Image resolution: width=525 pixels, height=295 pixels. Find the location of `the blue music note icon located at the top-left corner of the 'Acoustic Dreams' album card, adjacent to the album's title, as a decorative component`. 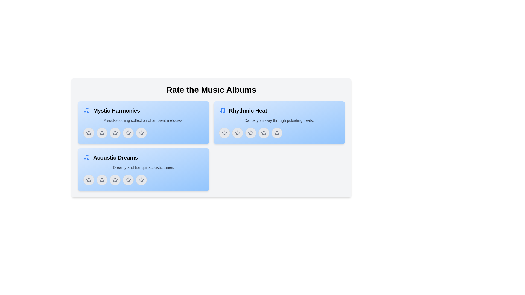

the blue music note icon located at the top-left corner of the 'Acoustic Dreams' album card, adjacent to the album's title, as a decorative component is located at coordinates (86, 158).